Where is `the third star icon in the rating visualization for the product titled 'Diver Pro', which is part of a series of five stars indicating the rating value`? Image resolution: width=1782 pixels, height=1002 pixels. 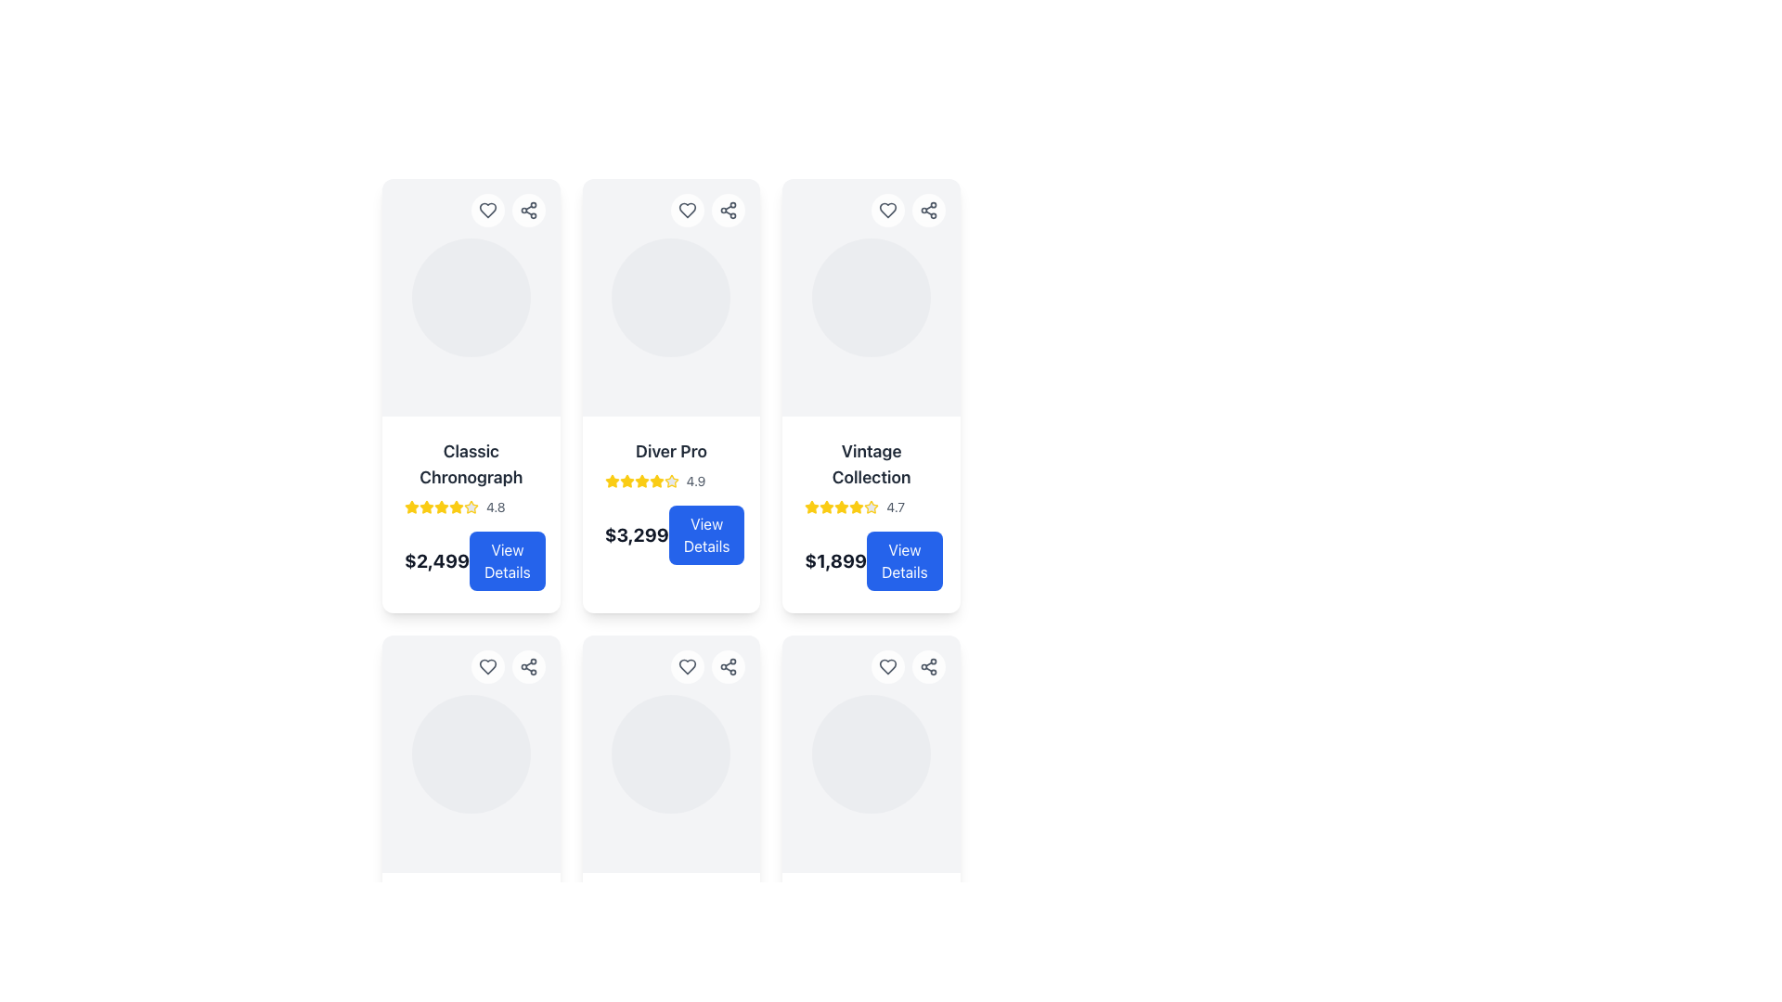 the third star icon in the rating visualization for the product titled 'Diver Pro', which is part of a series of five stars indicating the rating value is located at coordinates (626, 481).